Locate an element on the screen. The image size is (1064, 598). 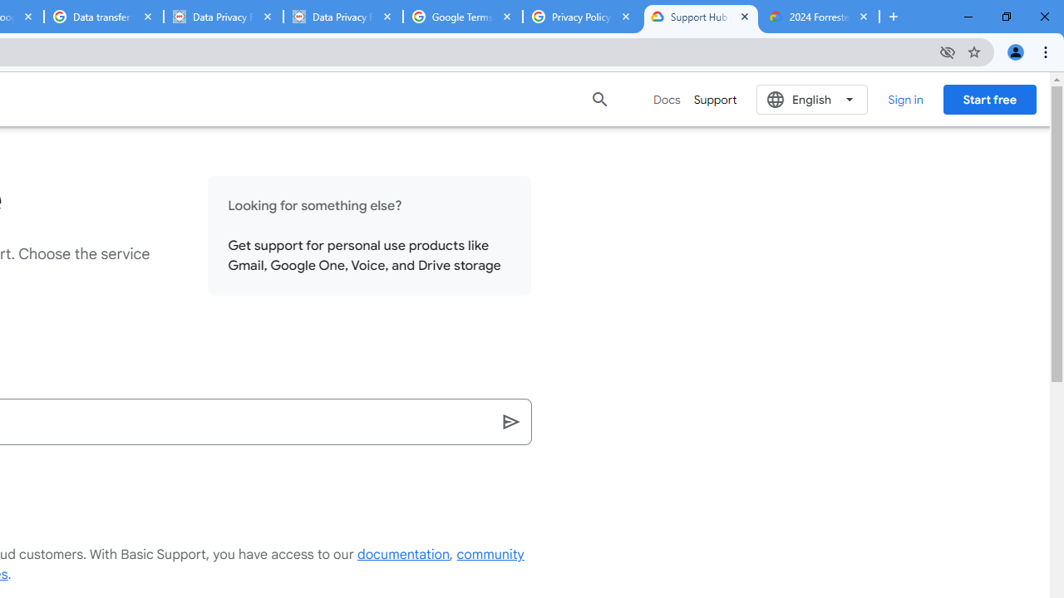
'Sign in' is located at coordinates (904, 99).